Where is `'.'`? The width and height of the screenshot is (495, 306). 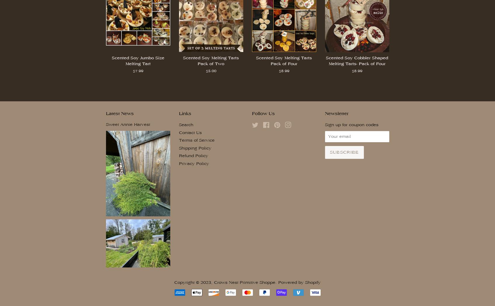 '.' is located at coordinates (277, 282).